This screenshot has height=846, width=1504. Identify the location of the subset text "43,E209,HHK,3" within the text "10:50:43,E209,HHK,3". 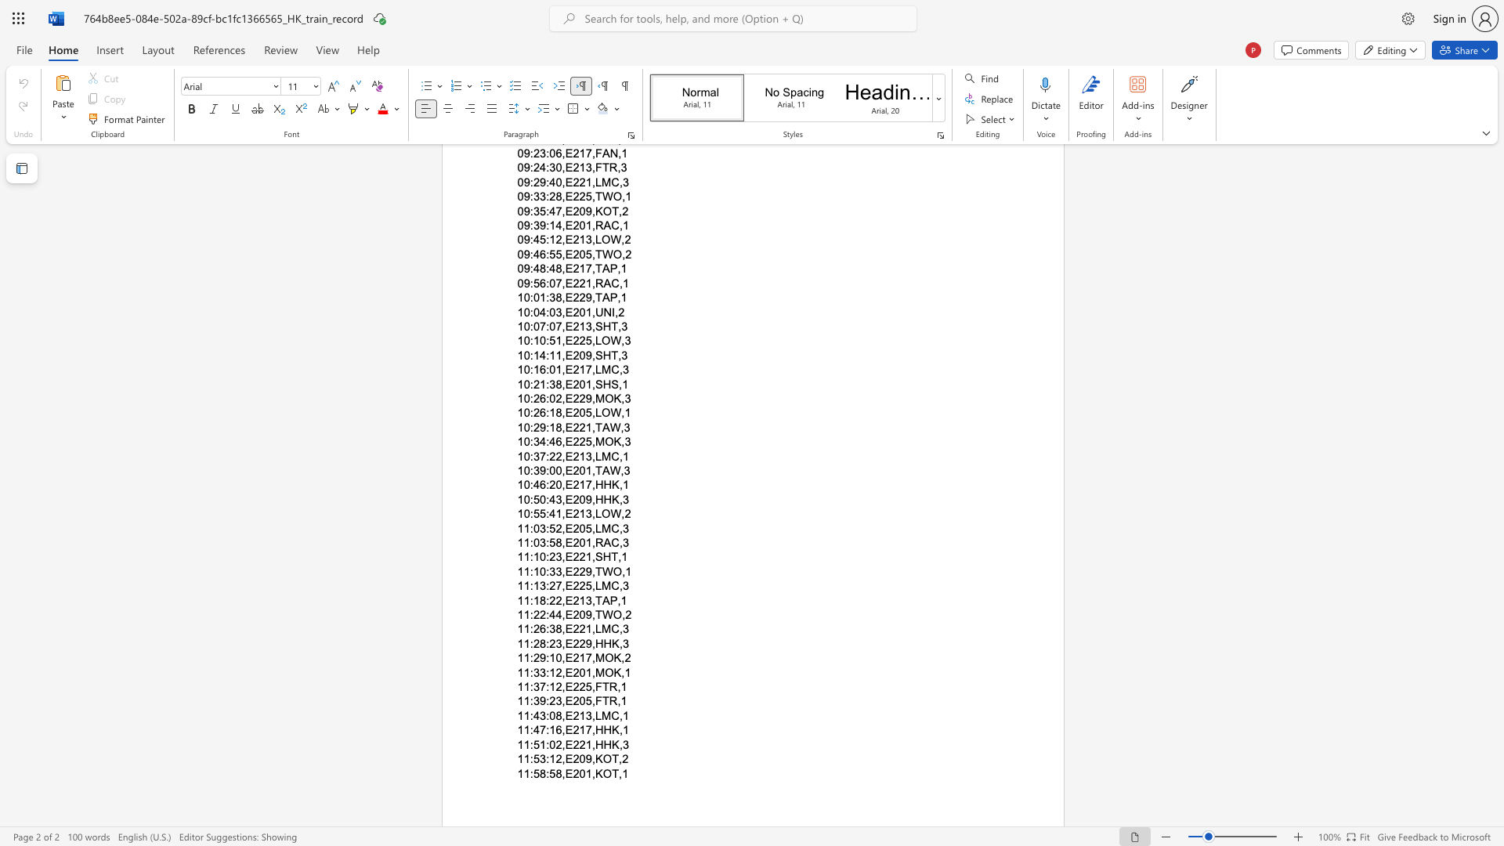
(549, 499).